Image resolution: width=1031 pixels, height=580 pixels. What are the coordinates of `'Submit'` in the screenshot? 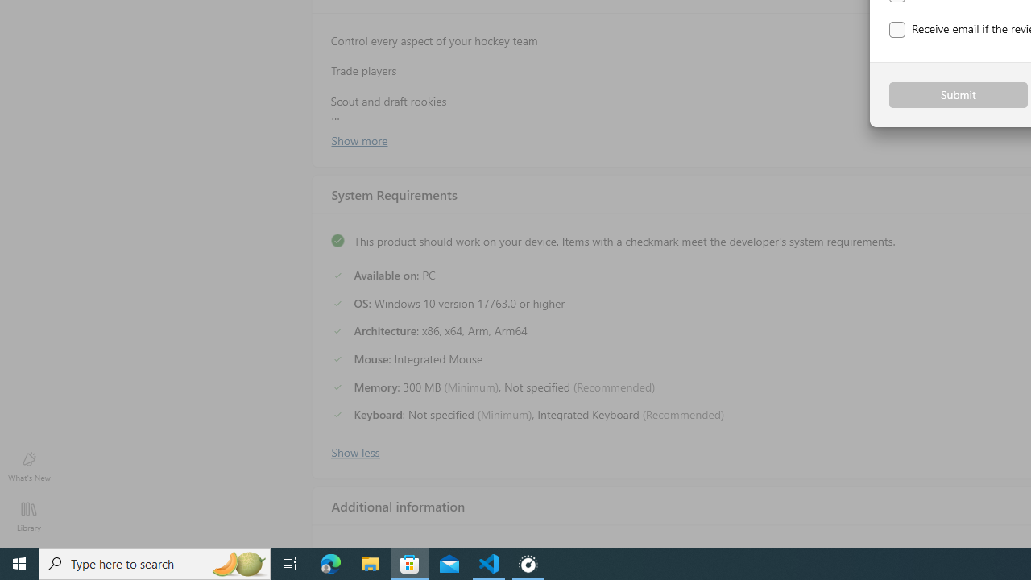 It's located at (958, 95).